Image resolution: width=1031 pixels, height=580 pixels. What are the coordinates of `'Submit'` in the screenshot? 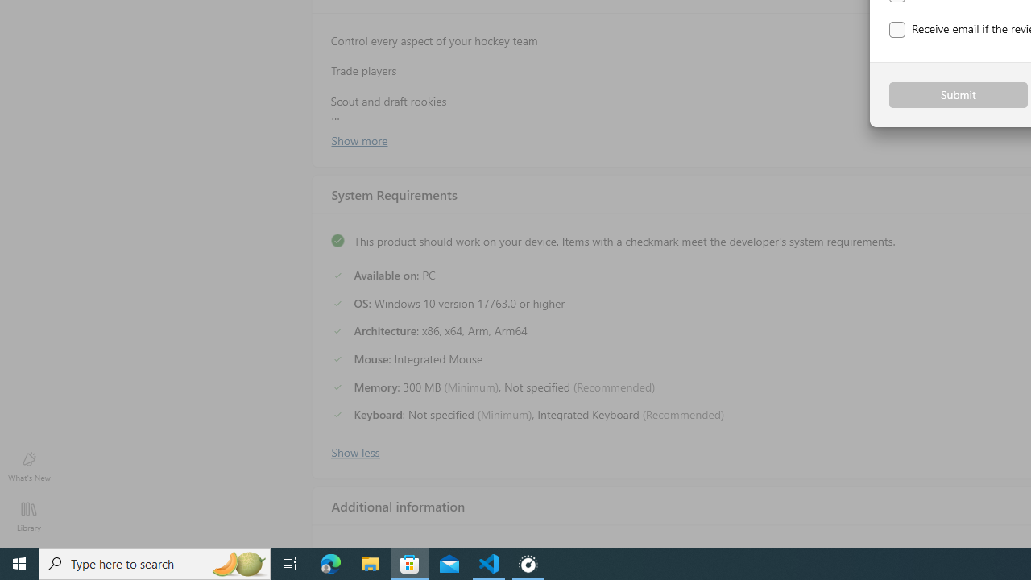 It's located at (958, 95).